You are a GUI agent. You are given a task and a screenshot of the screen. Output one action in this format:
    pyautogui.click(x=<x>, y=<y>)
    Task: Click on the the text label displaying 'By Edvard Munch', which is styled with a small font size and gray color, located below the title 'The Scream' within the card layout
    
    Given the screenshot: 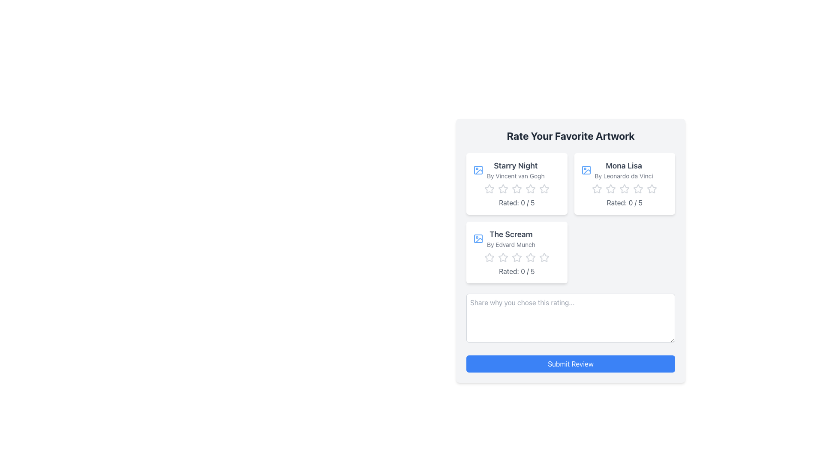 What is the action you would take?
    pyautogui.click(x=511, y=244)
    